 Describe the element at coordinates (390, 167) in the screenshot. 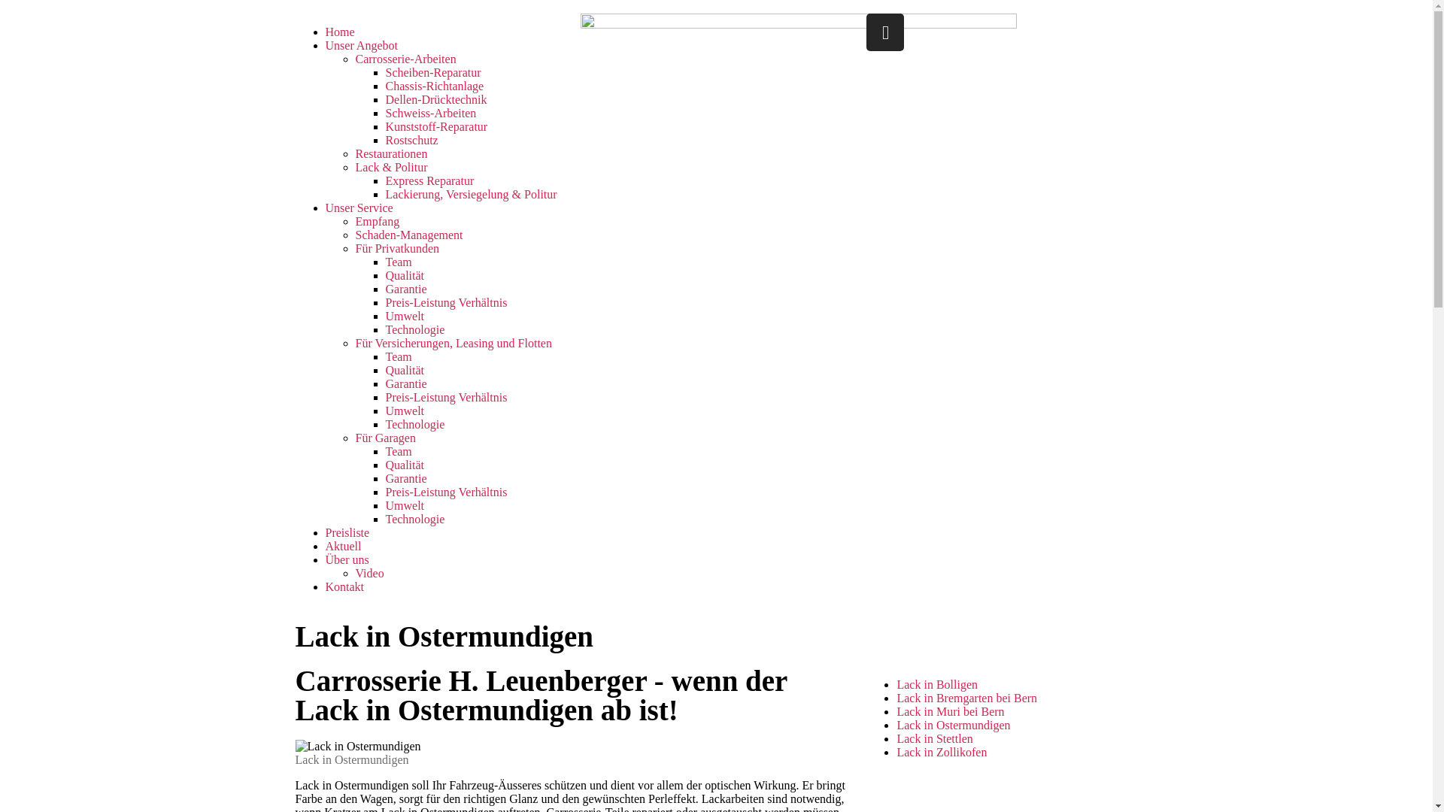

I see `'Lack & Politur'` at that location.